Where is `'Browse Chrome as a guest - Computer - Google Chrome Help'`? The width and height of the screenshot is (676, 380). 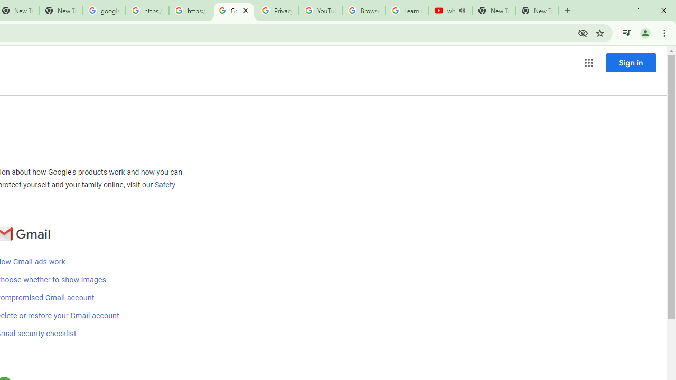 'Browse Chrome as a guest - Computer - Google Chrome Help' is located at coordinates (363, 11).